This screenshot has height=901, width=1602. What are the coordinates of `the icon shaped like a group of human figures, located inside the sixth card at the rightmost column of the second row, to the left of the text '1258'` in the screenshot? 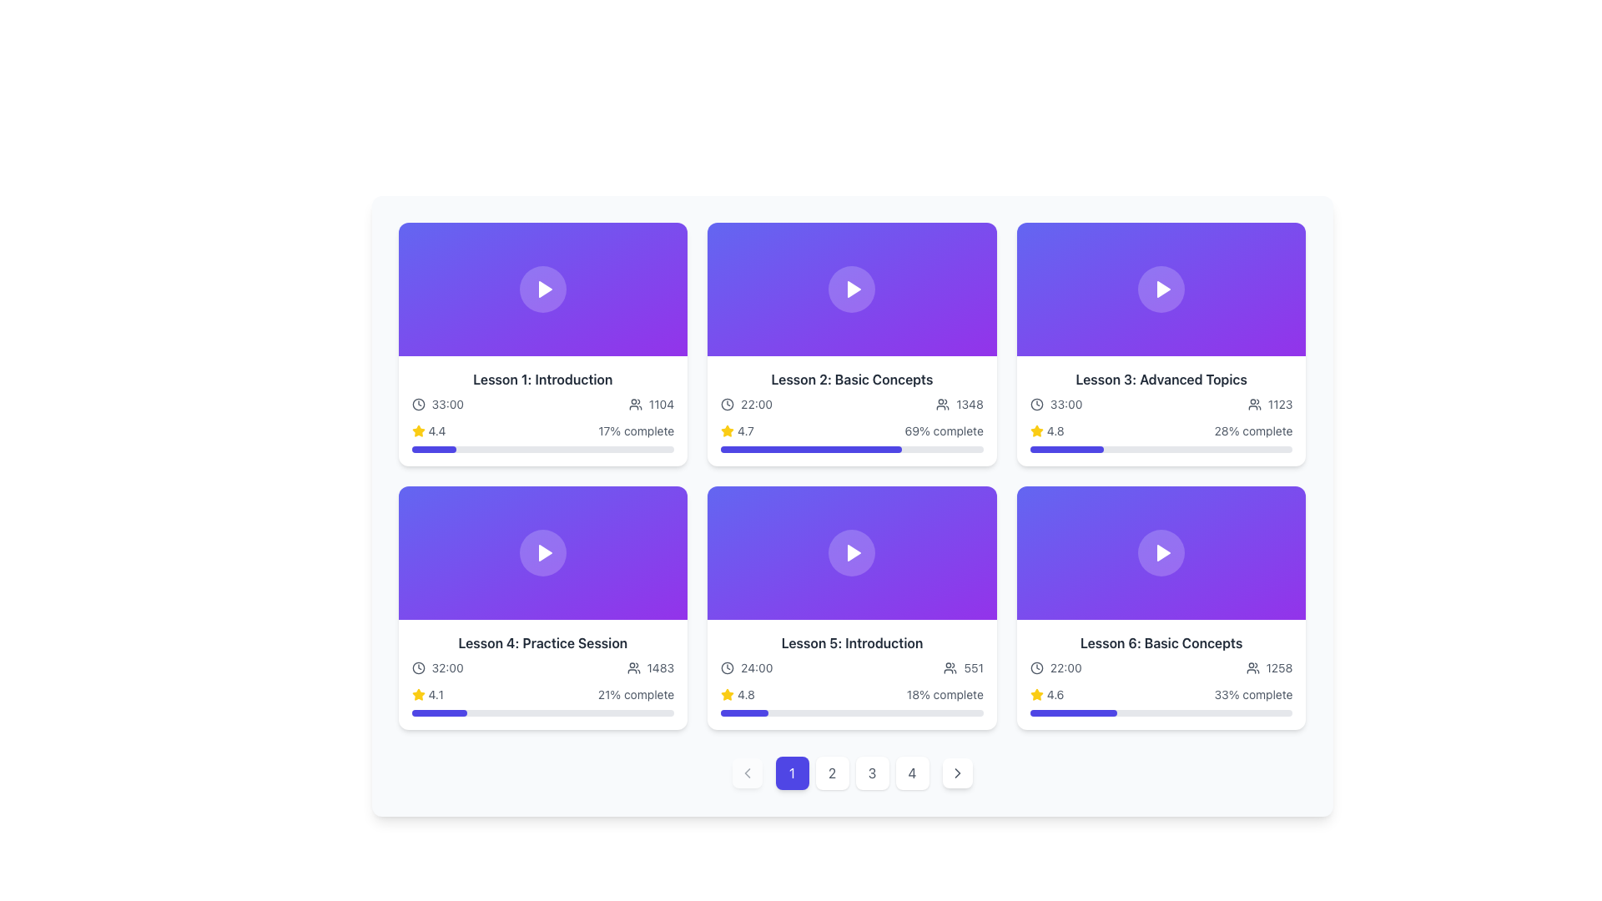 It's located at (1252, 667).